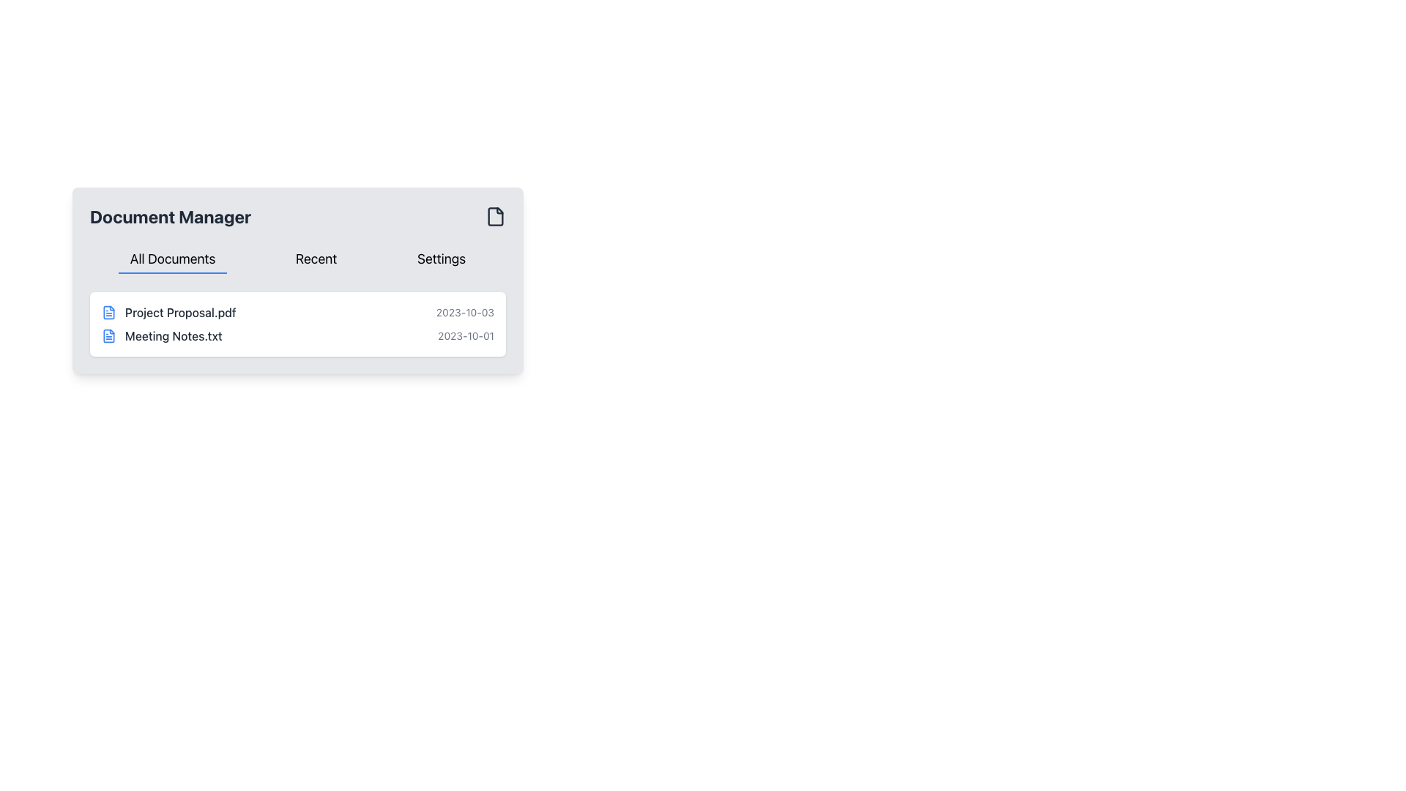  Describe the element at coordinates (108, 312) in the screenshot. I see `the PDF document icon representing 'Project Proposal.pdf' in the 'Document Manager' panel` at that location.